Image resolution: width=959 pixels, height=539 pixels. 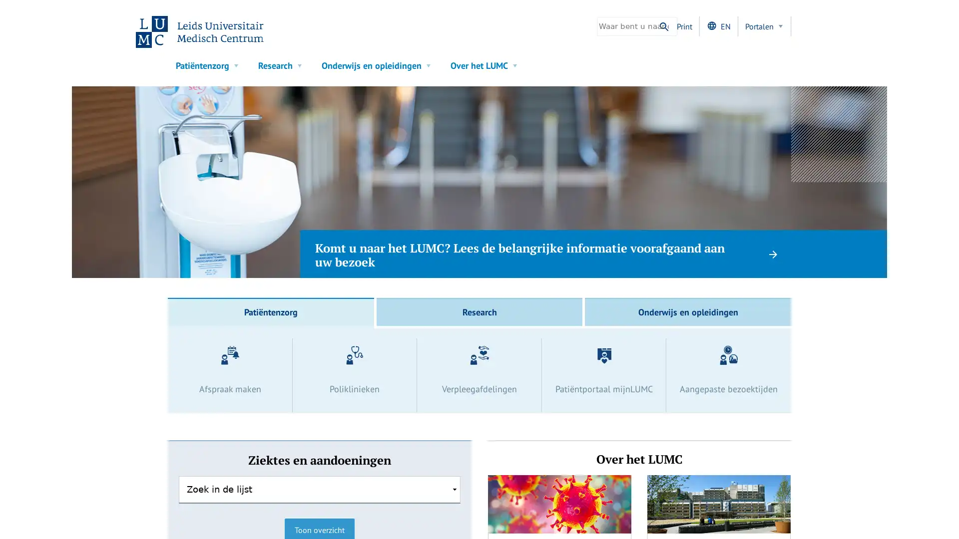 What do you see at coordinates (764, 26) in the screenshot?
I see `Portalen` at bounding box center [764, 26].